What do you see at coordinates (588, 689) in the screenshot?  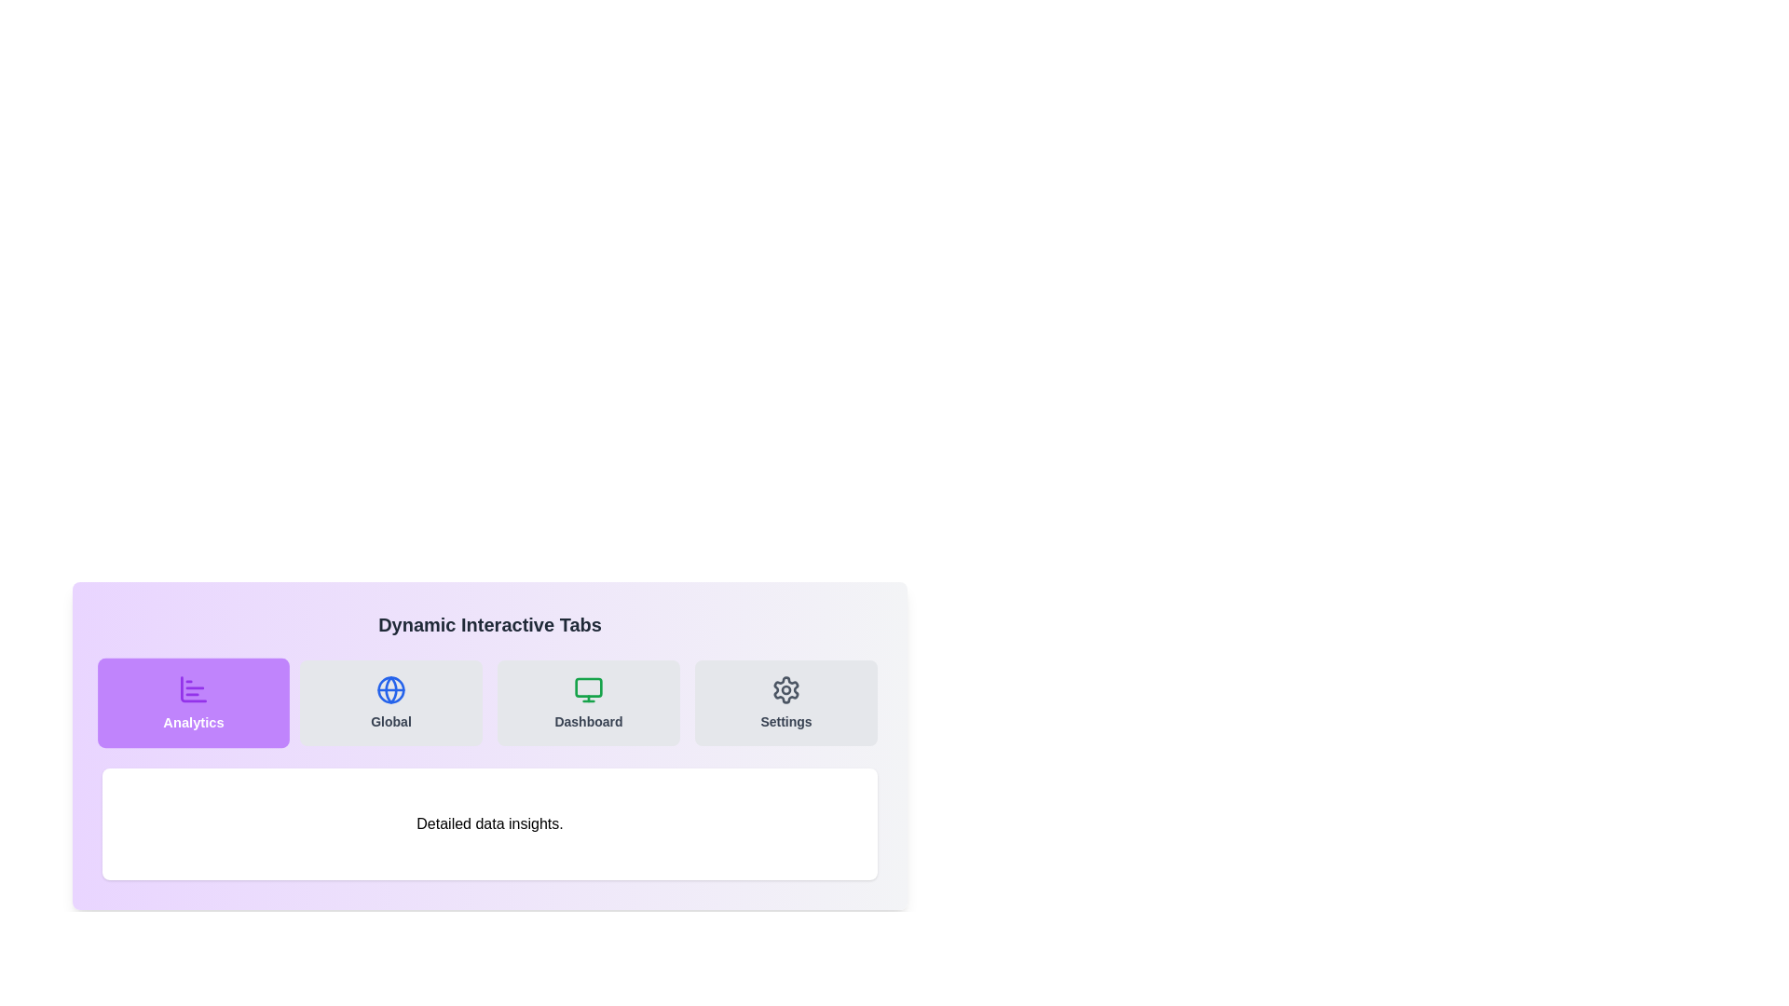 I see `the green-outline monitor icon positioned above the 'Dashboard' label` at bounding box center [588, 689].